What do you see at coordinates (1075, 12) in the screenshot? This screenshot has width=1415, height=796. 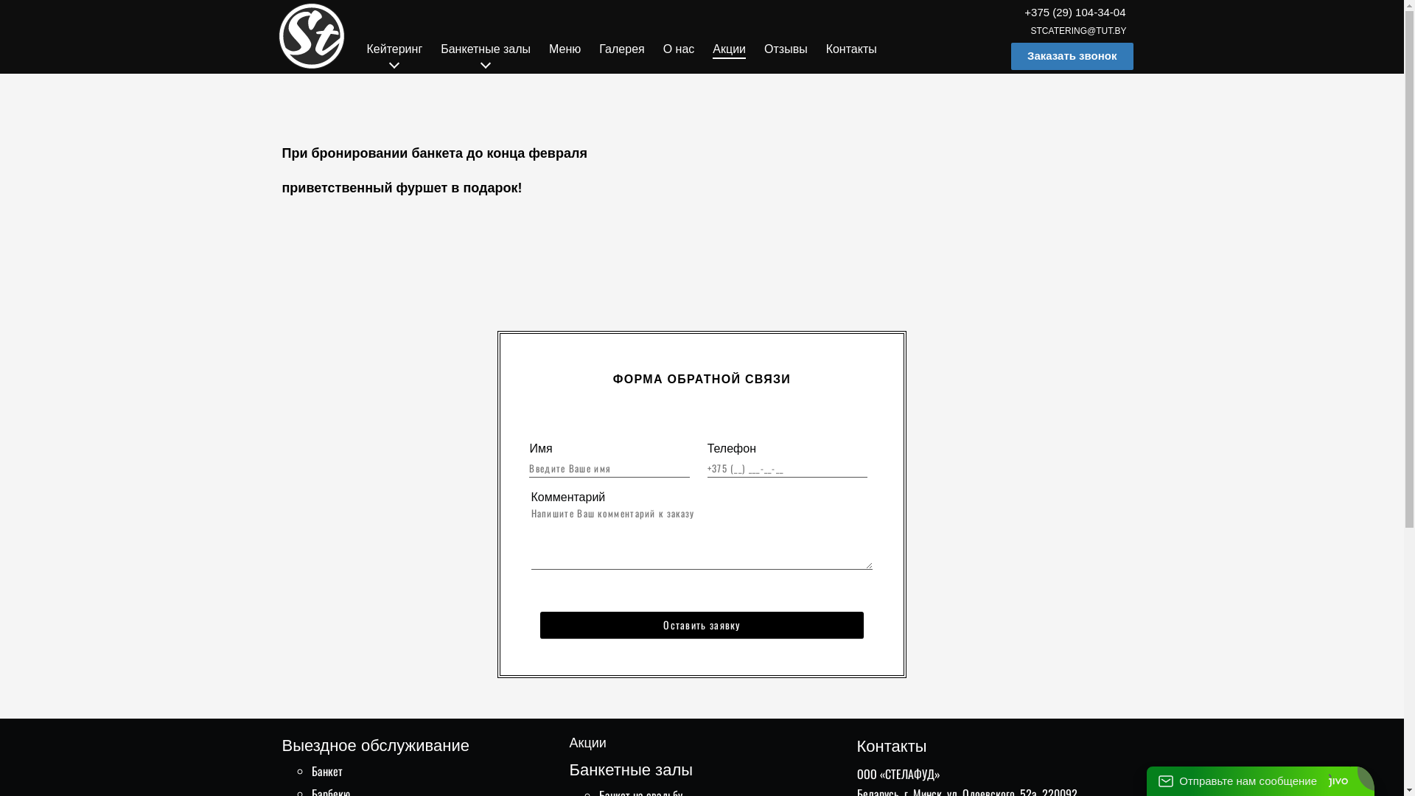 I see `'+375 (29) 104-34-04'` at bounding box center [1075, 12].